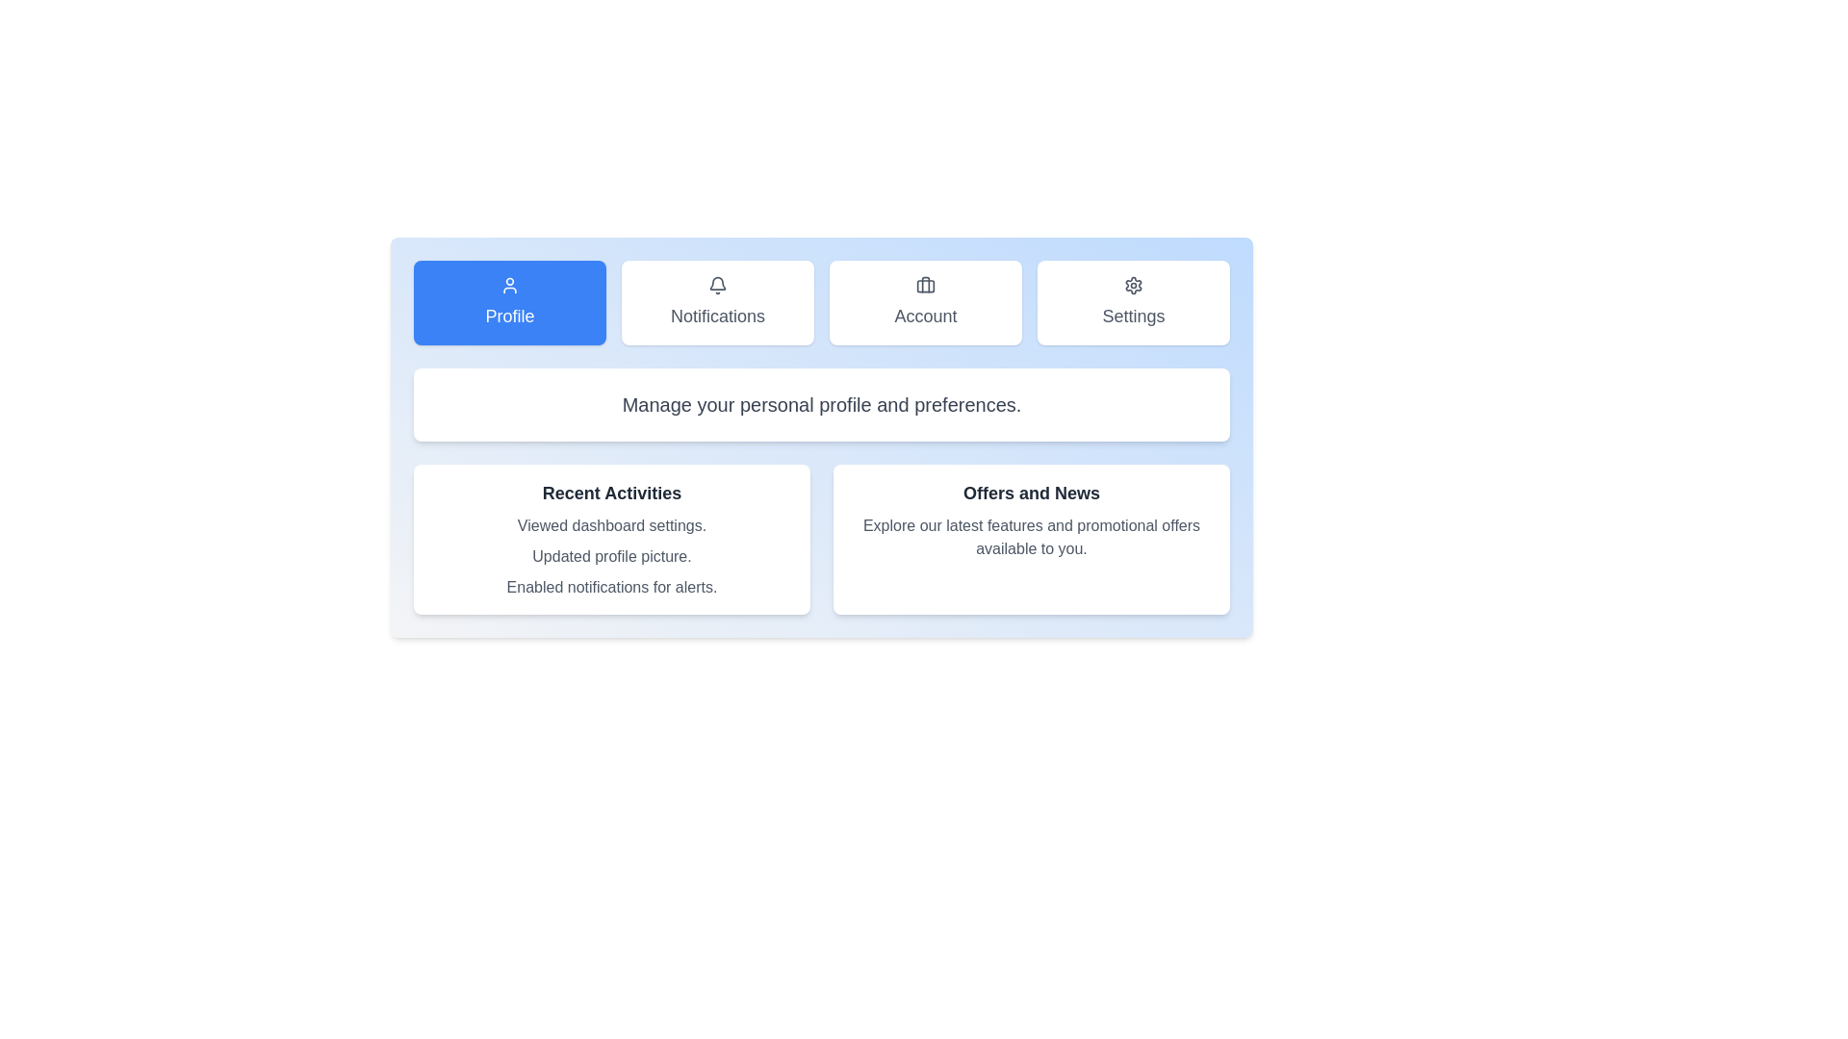 This screenshot has height=1039, width=1848. I want to click on the 'Account' icon in the navigation bar, which represents user account settings and is the third button from the left, so click(925, 286).